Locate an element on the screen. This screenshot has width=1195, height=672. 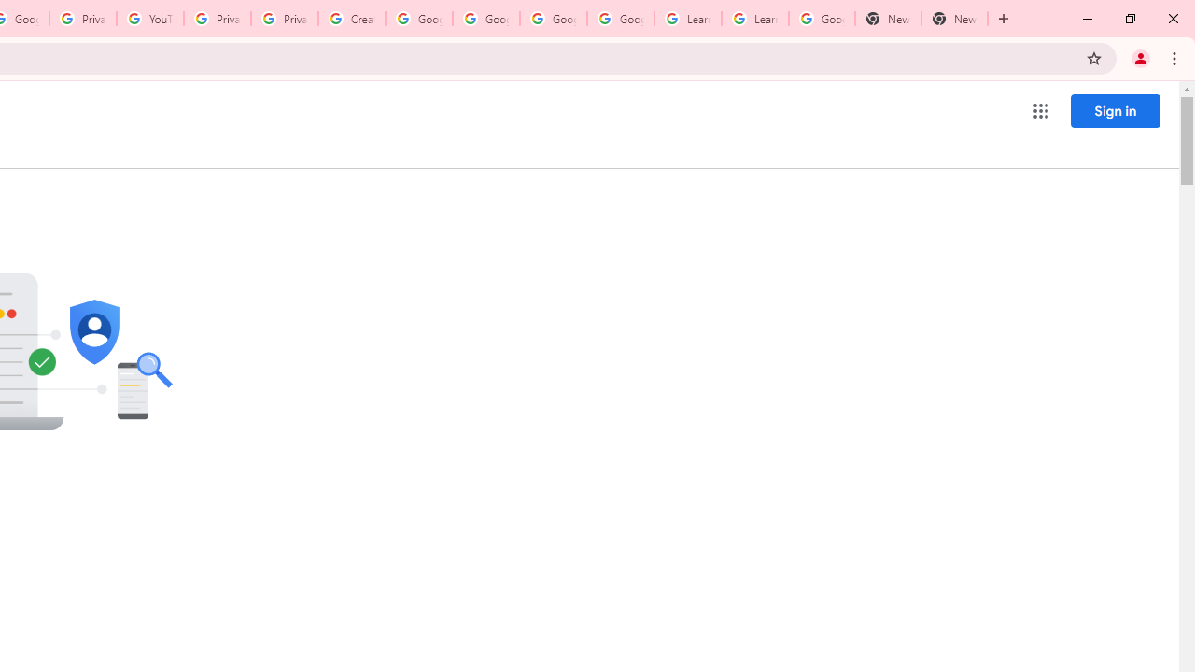
'New Tab' is located at coordinates (954, 19).